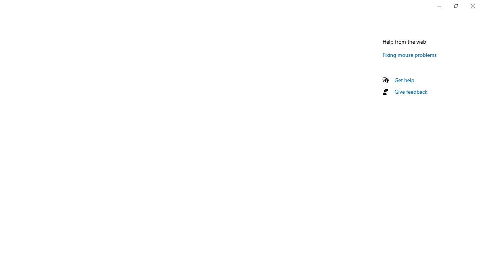 The height and width of the screenshot is (271, 482). I want to click on 'Give feedback', so click(410, 91).